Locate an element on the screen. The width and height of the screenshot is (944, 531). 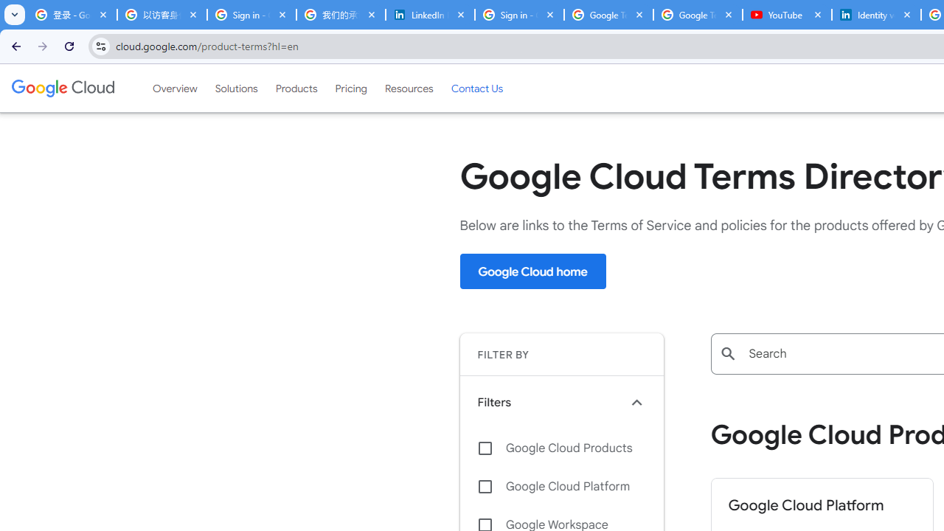
'Contact Us' is located at coordinates (477, 88).